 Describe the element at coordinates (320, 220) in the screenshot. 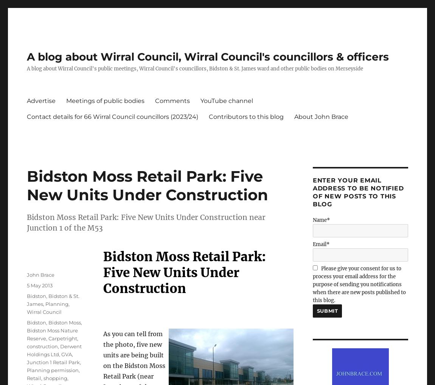

I see `'Name*'` at that location.